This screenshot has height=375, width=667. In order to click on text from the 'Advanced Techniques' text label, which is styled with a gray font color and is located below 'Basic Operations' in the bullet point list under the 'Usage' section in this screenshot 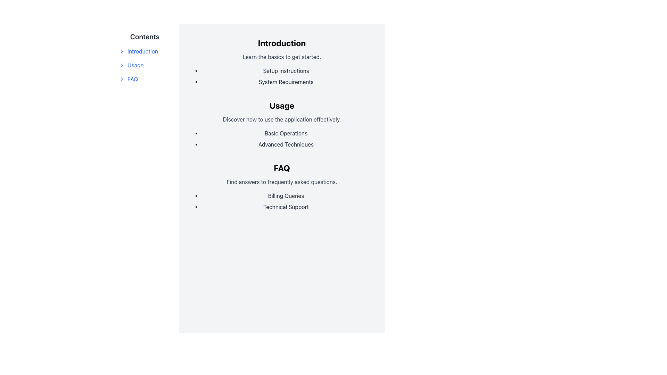, I will do `click(286, 144)`.